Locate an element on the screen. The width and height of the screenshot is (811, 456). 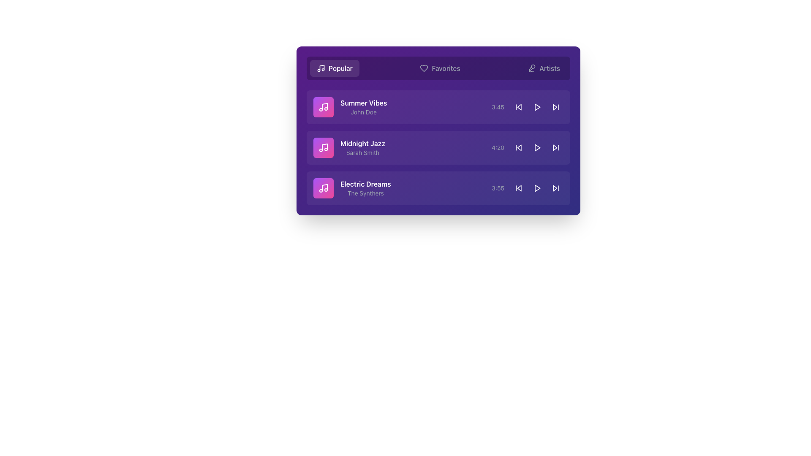
the 'Play' button for the track 'Summer Vibes' by John Doe is located at coordinates (537, 107).